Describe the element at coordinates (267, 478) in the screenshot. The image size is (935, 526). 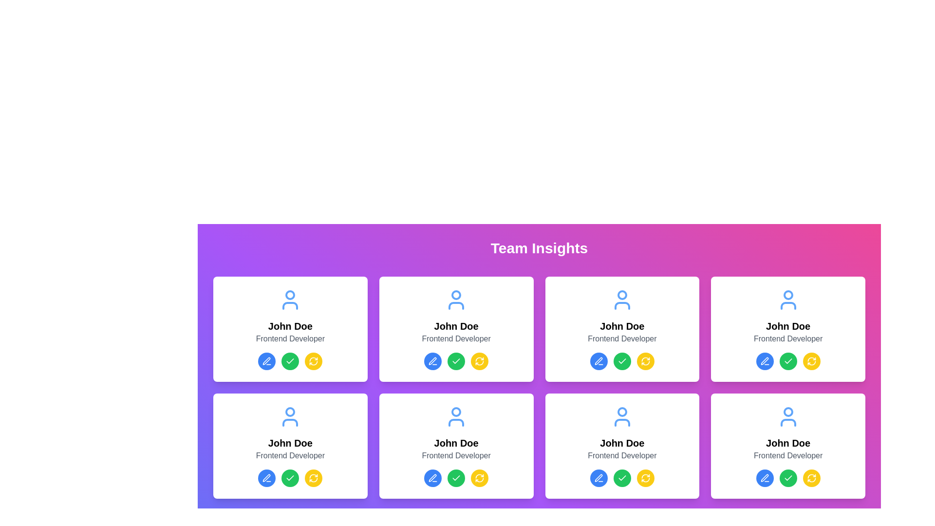
I see `the edit button located at the bottom-left of the user card in the second row and first column of the displayed grid to enable keyboard interaction` at that location.